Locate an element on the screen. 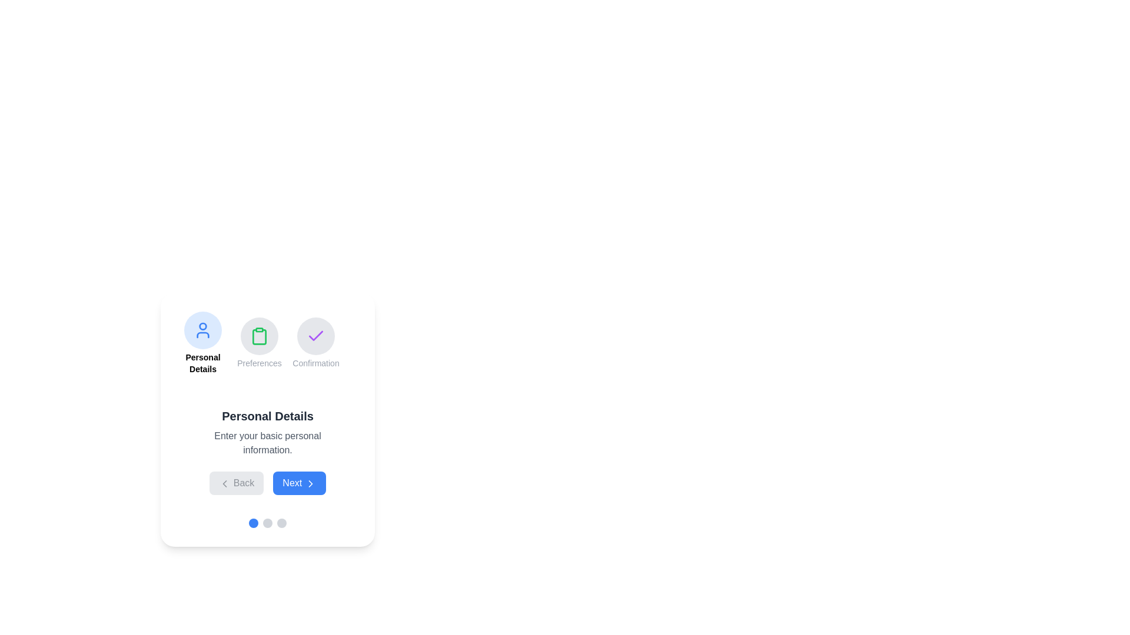 The height and width of the screenshot is (635, 1130). the 'Preferences' text label, which indicates the current step in the multi-step process and is positioned vertically beneath a green clipboard icon is located at coordinates (259, 362).